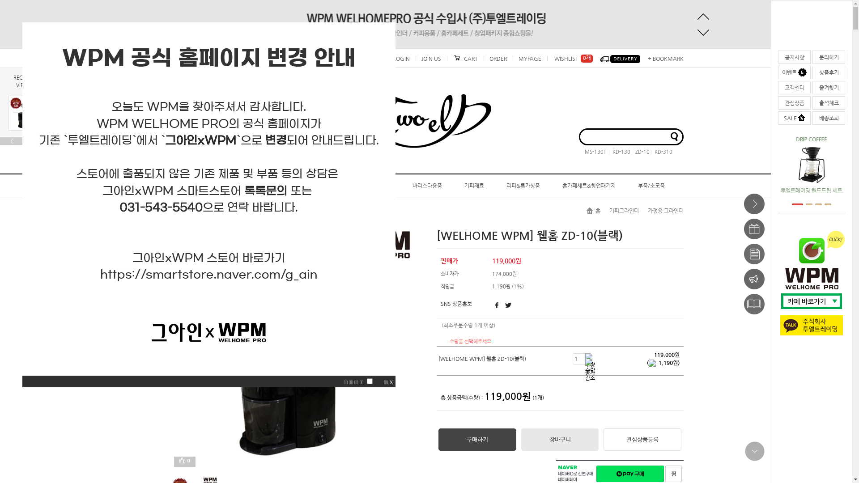  What do you see at coordinates (483, 59) in the screenshot?
I see `' ORDER'` at bounding box center [483, 59].